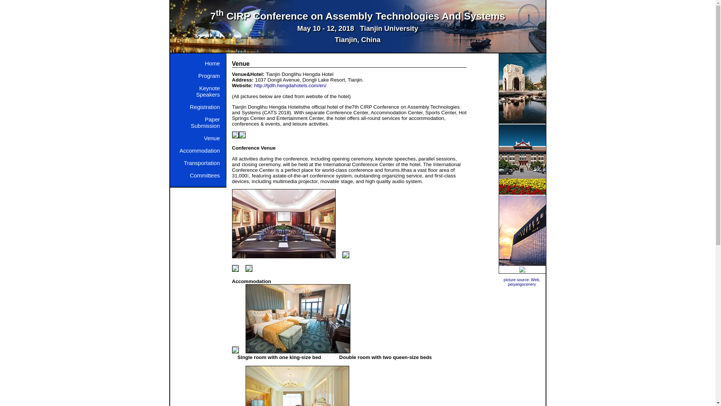 This screenshot has height=406, width=721. Describe the element at coordinates (198, 61) in the screenshot. I see `'Home'` at that location.